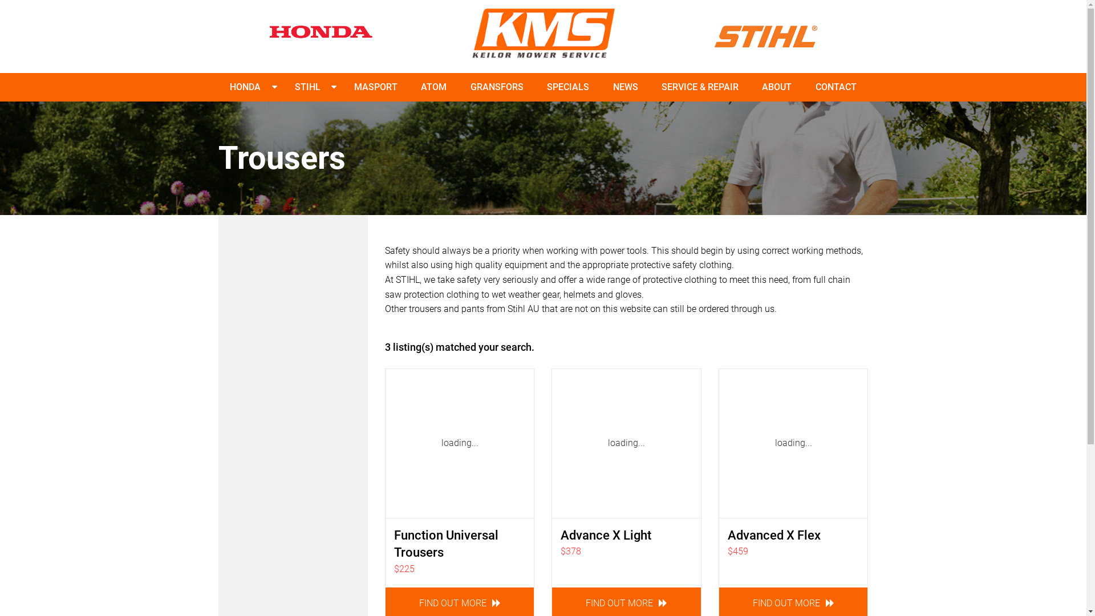 This screenshot has width=1095, height=616. Describe the element at coordinates (776, 87) in the screenshot. I see `'ABOUT'` at that location.